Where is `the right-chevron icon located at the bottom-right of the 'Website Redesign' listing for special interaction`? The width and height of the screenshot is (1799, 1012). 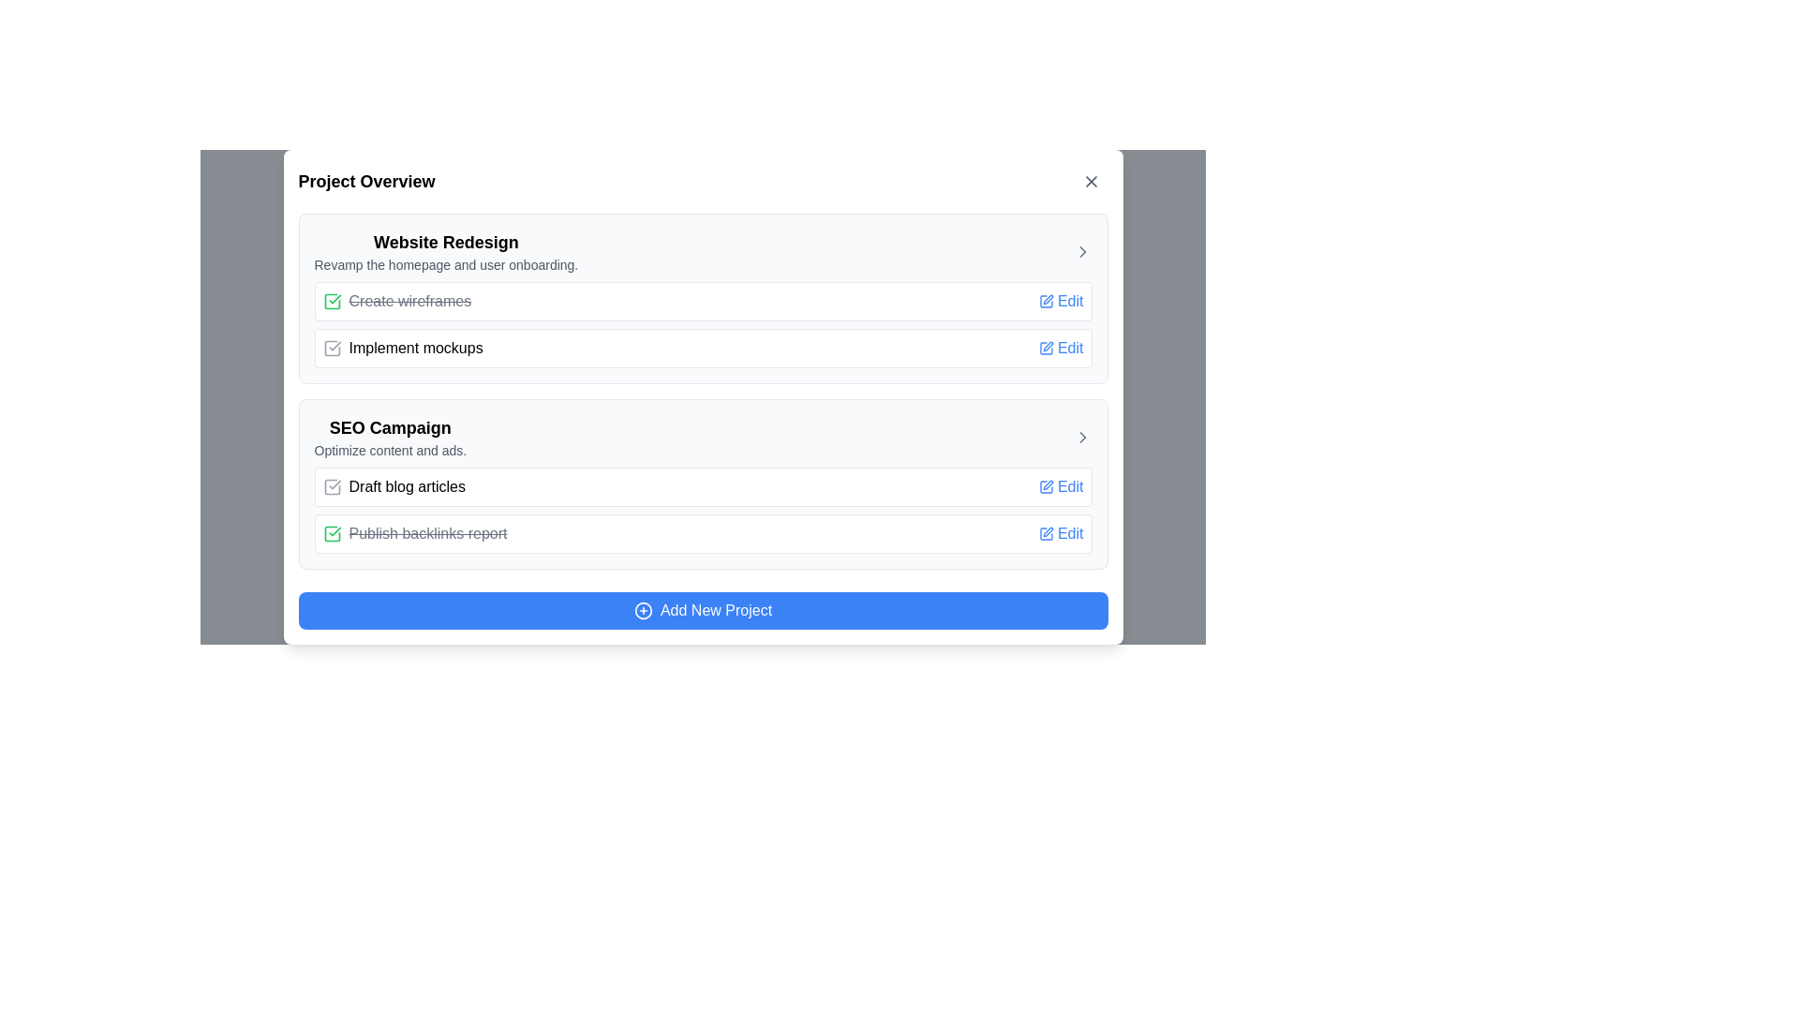
the right-chevron icon located at the bottom-right of the 'Website Redesign' listing for special interaction is located at coordinates (1082, 251).